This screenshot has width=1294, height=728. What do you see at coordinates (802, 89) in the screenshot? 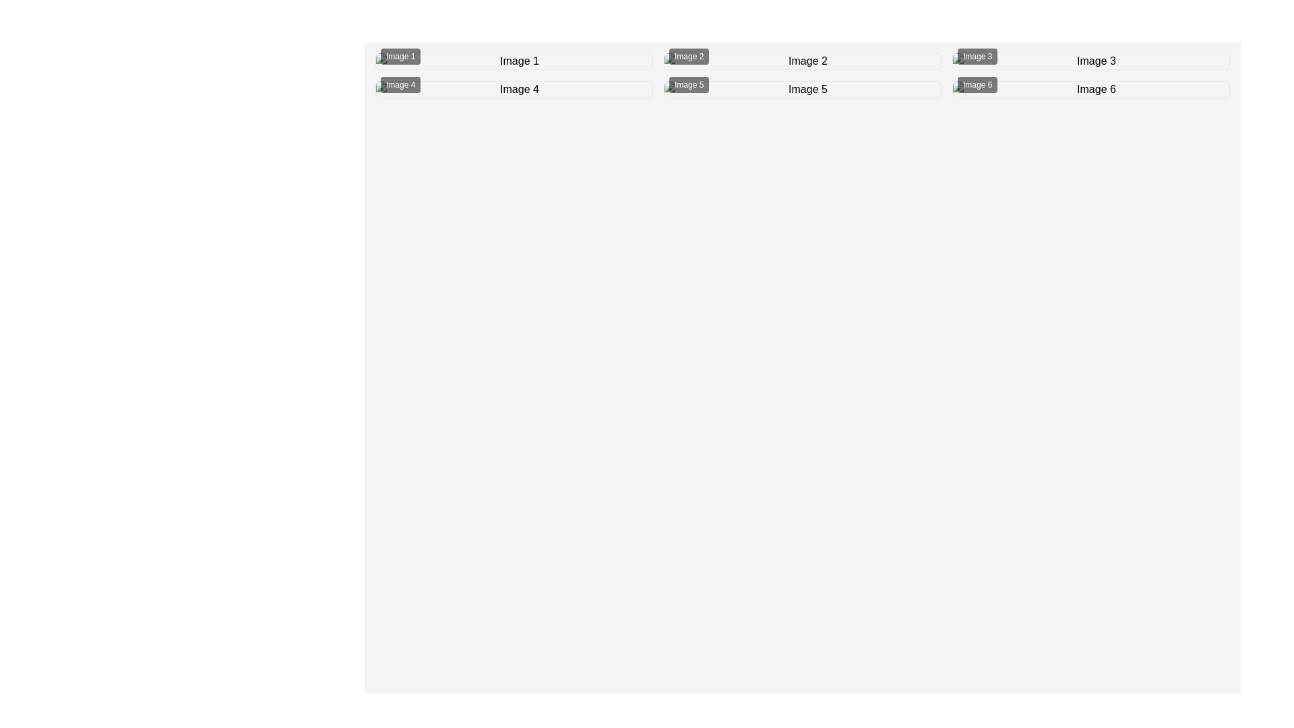
I see `the interactive image thumbnail located in the second row of the grid layout` at bounding box center [802, 89].